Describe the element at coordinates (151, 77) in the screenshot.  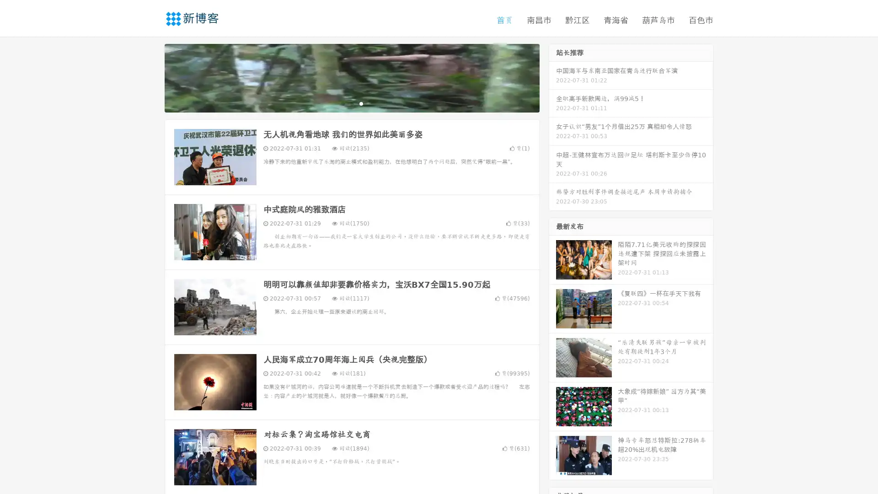
I see `Previous slide` at that location.